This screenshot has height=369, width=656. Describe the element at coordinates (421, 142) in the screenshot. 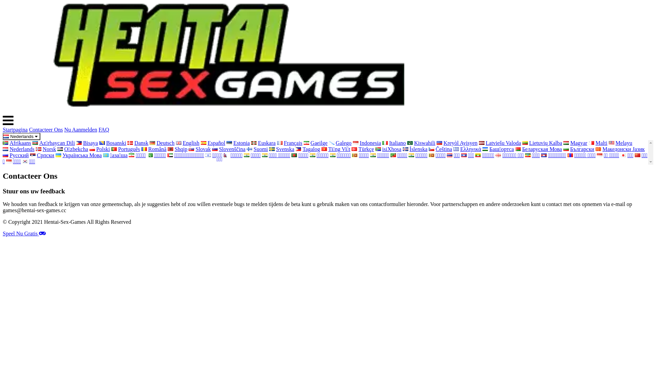

I see `'Kiswahili'` at that location.